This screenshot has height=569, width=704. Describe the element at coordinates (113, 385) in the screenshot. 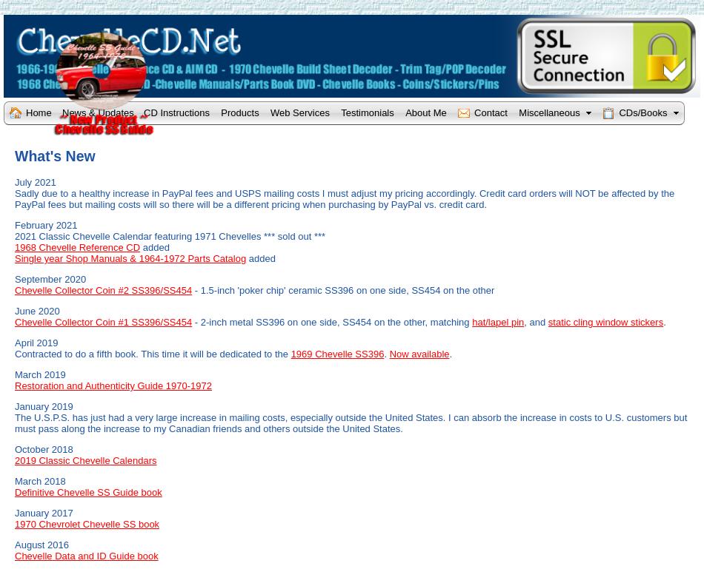

I see `'Restoration and Authenticity Guide 1970-1972'` at that location.